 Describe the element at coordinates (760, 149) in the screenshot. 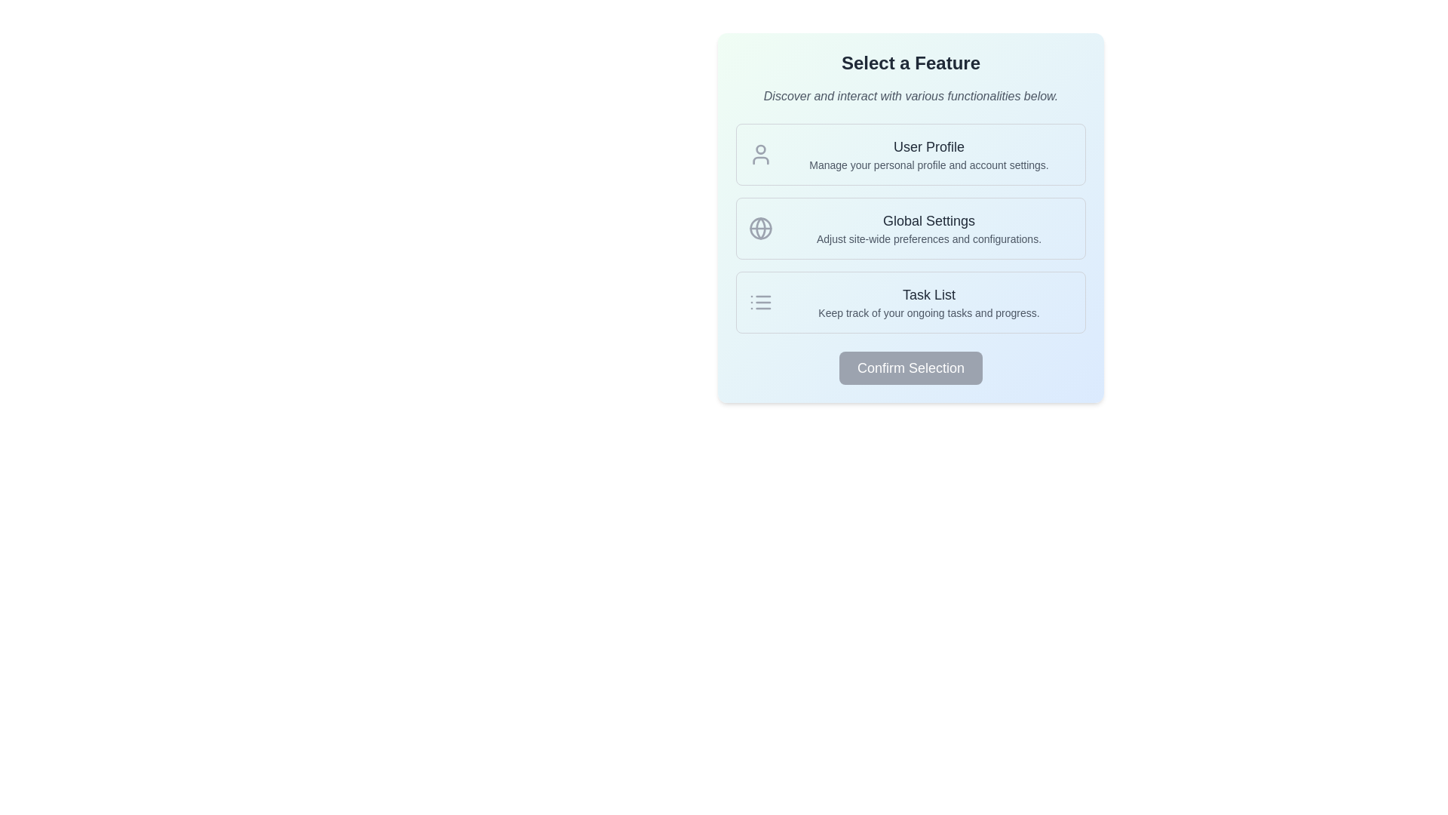

I see `the decorative circular element representing the head in the 'User Profile' icon, which is located to the left of the 'User Profile' option in the feature selection list` at that location.